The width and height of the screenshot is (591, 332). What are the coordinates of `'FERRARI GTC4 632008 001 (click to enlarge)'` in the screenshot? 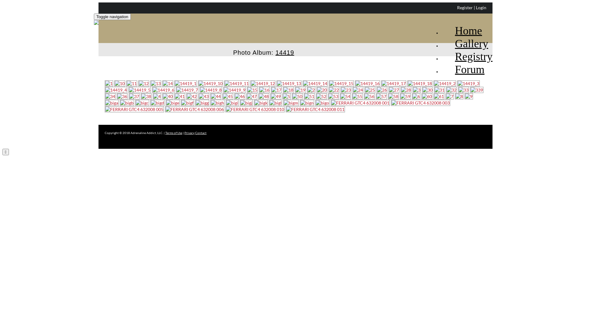 It's located at (360, 102).